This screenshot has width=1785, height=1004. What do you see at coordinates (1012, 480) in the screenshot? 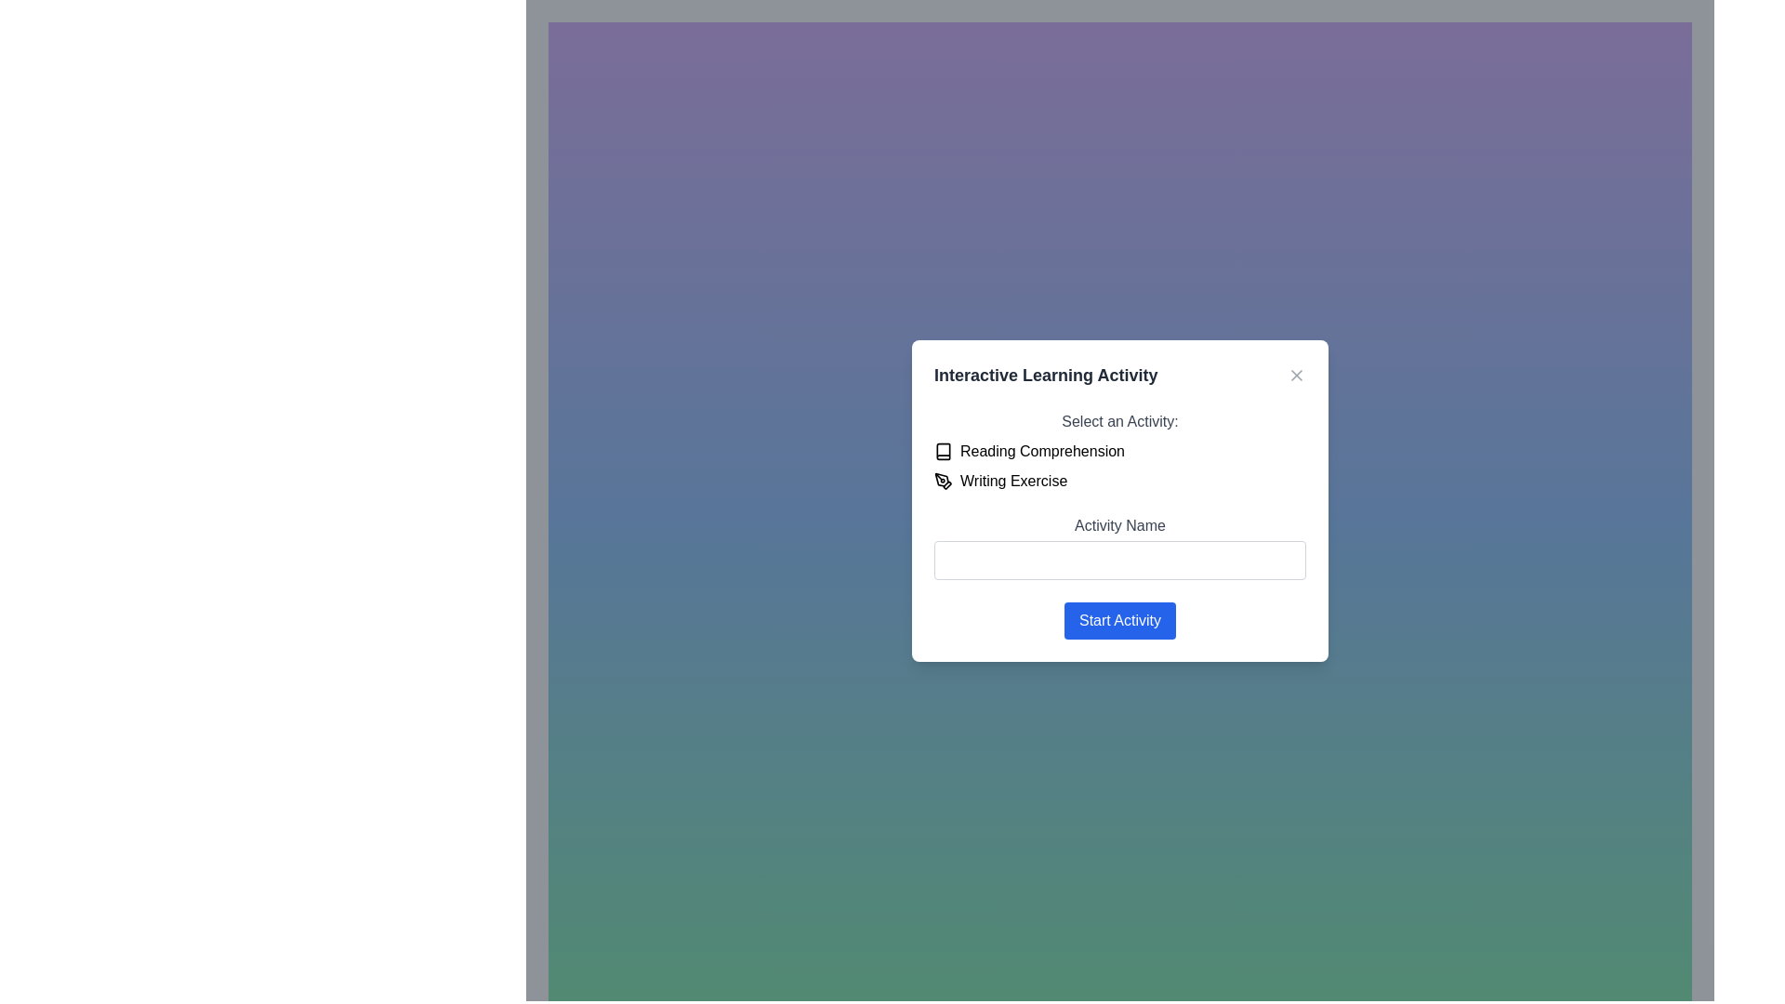
I see `the 'Writing Exercise' text label, which is a clear and bold label located within the modal dialog box under the 'Select an Activity' section, adjacent to the pen tool icon` at bounding box center [1012, 480].